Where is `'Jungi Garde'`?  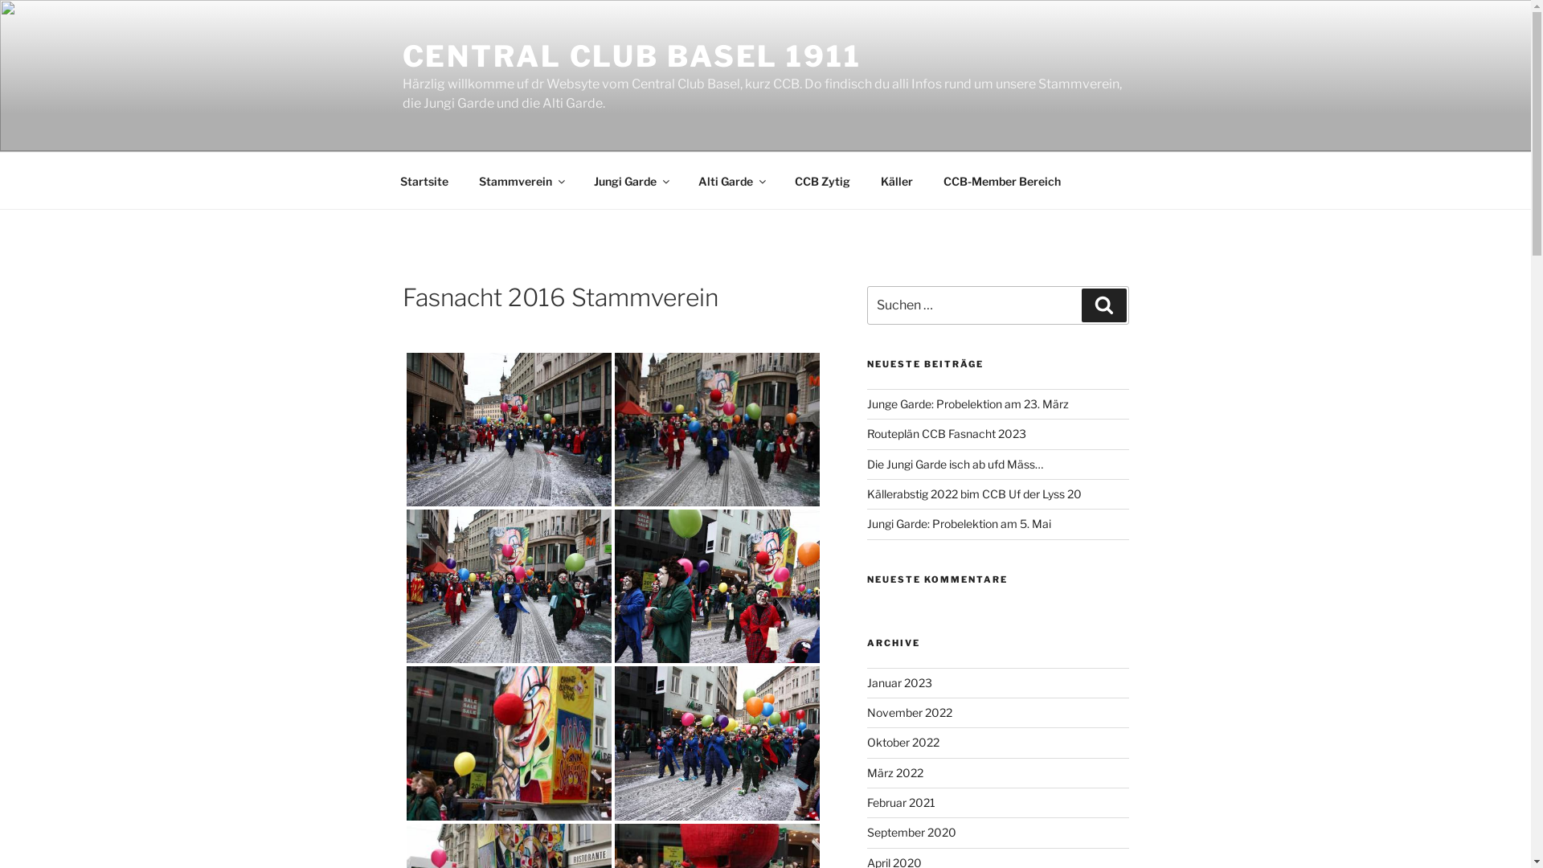
'Jungi Garde' is located at coordinates (579, 180).